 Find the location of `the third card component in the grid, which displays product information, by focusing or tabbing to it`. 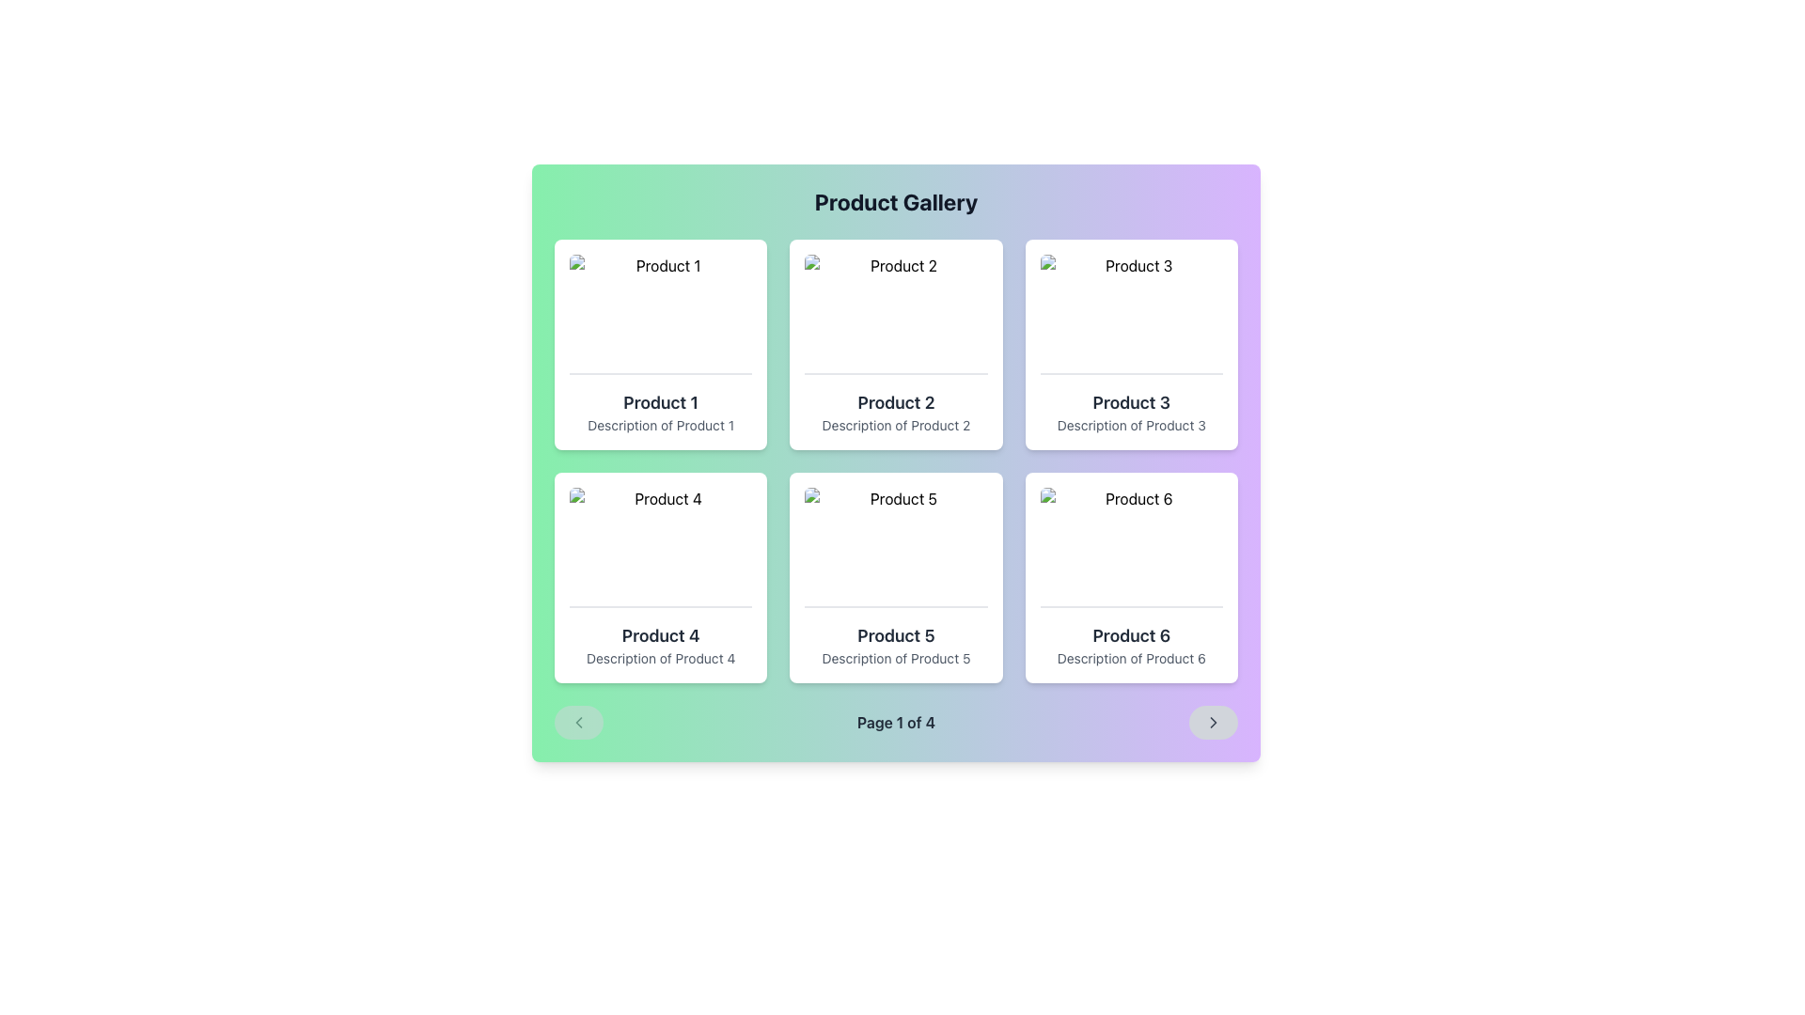

the third card component in the grid, which displays product information, by focusing or tabbing to it is located at coordinates (1130, 344).